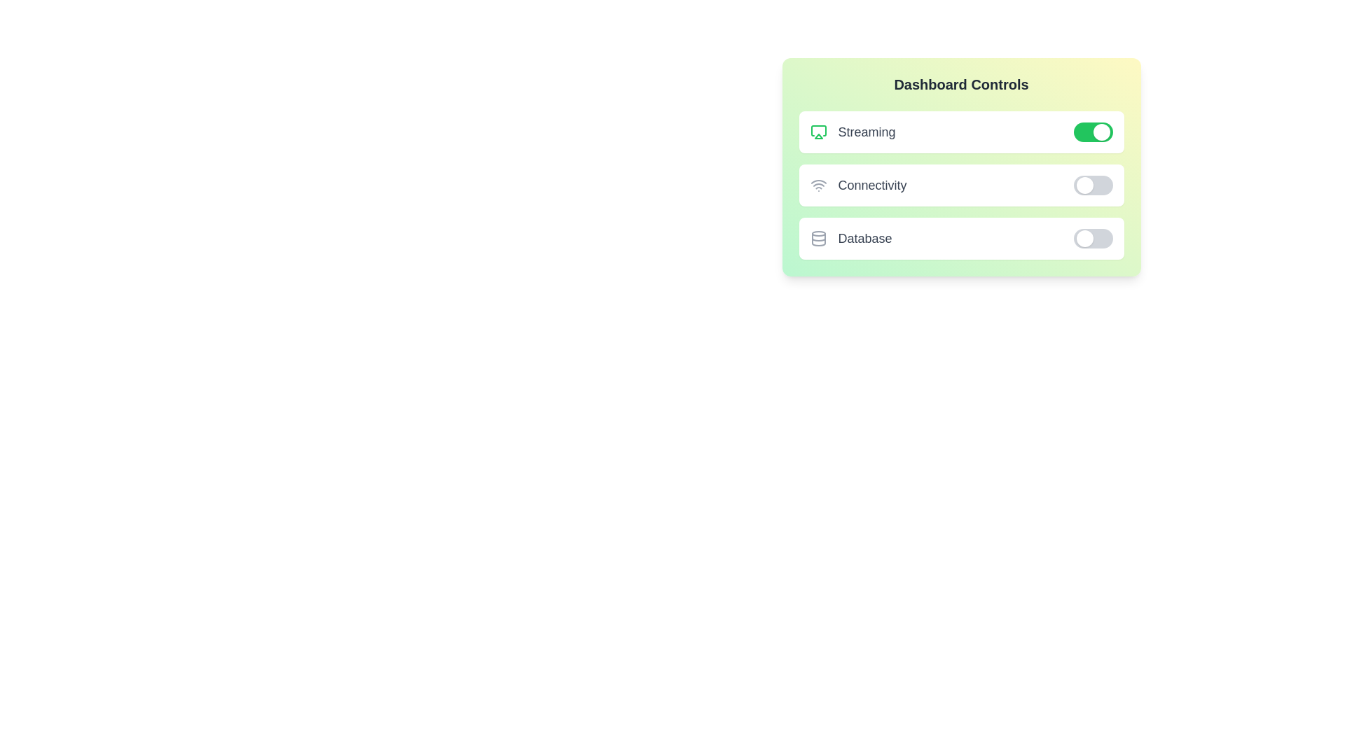 Image resolution: width=1345 pixels, height=756 pixels. What do you see at coordinates (818, 237) in the screenshot?
I see `the icon corresponding to the widget labeled Database` at bounding box center [818, 237].